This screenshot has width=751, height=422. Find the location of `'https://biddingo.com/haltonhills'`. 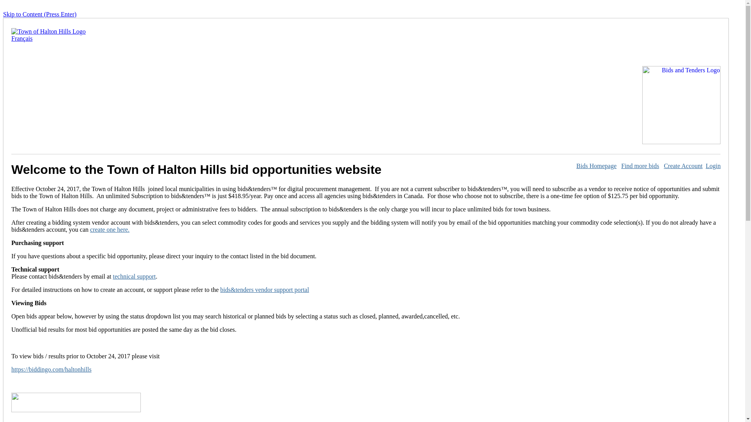

'https://biddingo.com/haltonhills' is located at coordinates (11, 369).